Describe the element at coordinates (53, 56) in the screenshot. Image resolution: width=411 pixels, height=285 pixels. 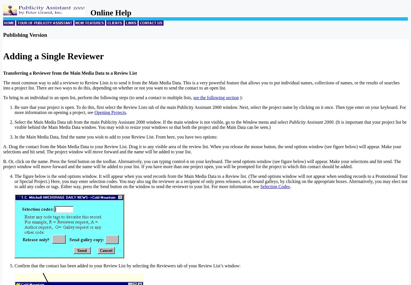
I see `'Adding a Single Reviewer'` at that location.